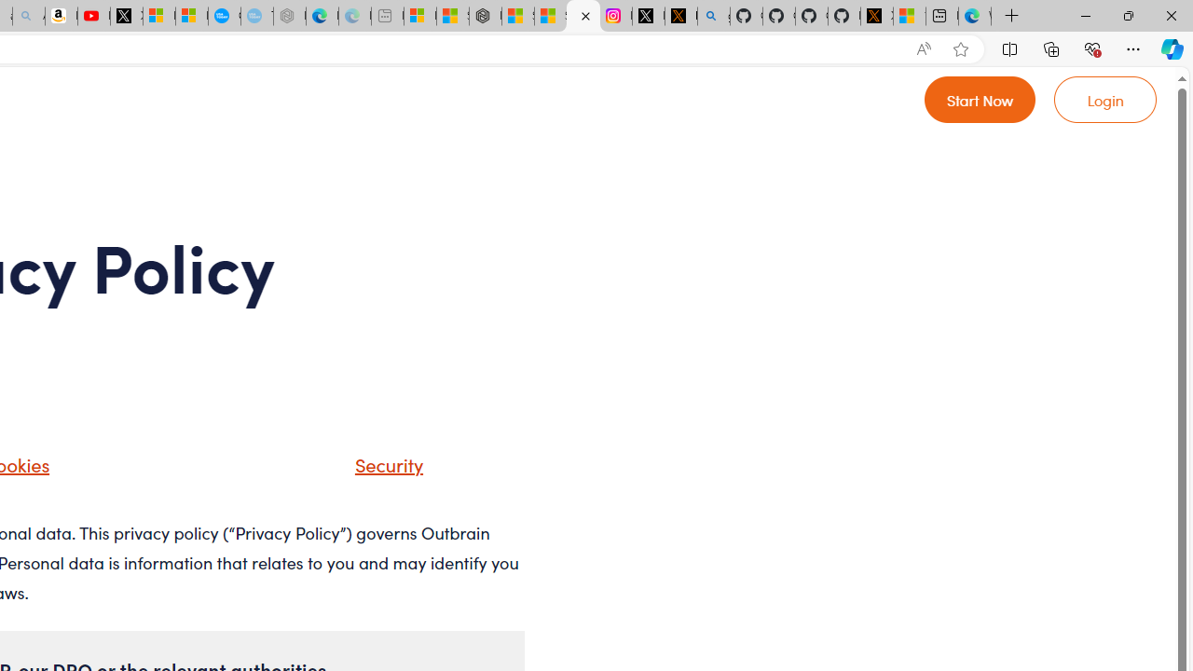 This screenshot has width=1193, height=671. I want to click on 'Day 1: Arriving in Yemen (surreal to be here) - YouTube', so click(93, 16).